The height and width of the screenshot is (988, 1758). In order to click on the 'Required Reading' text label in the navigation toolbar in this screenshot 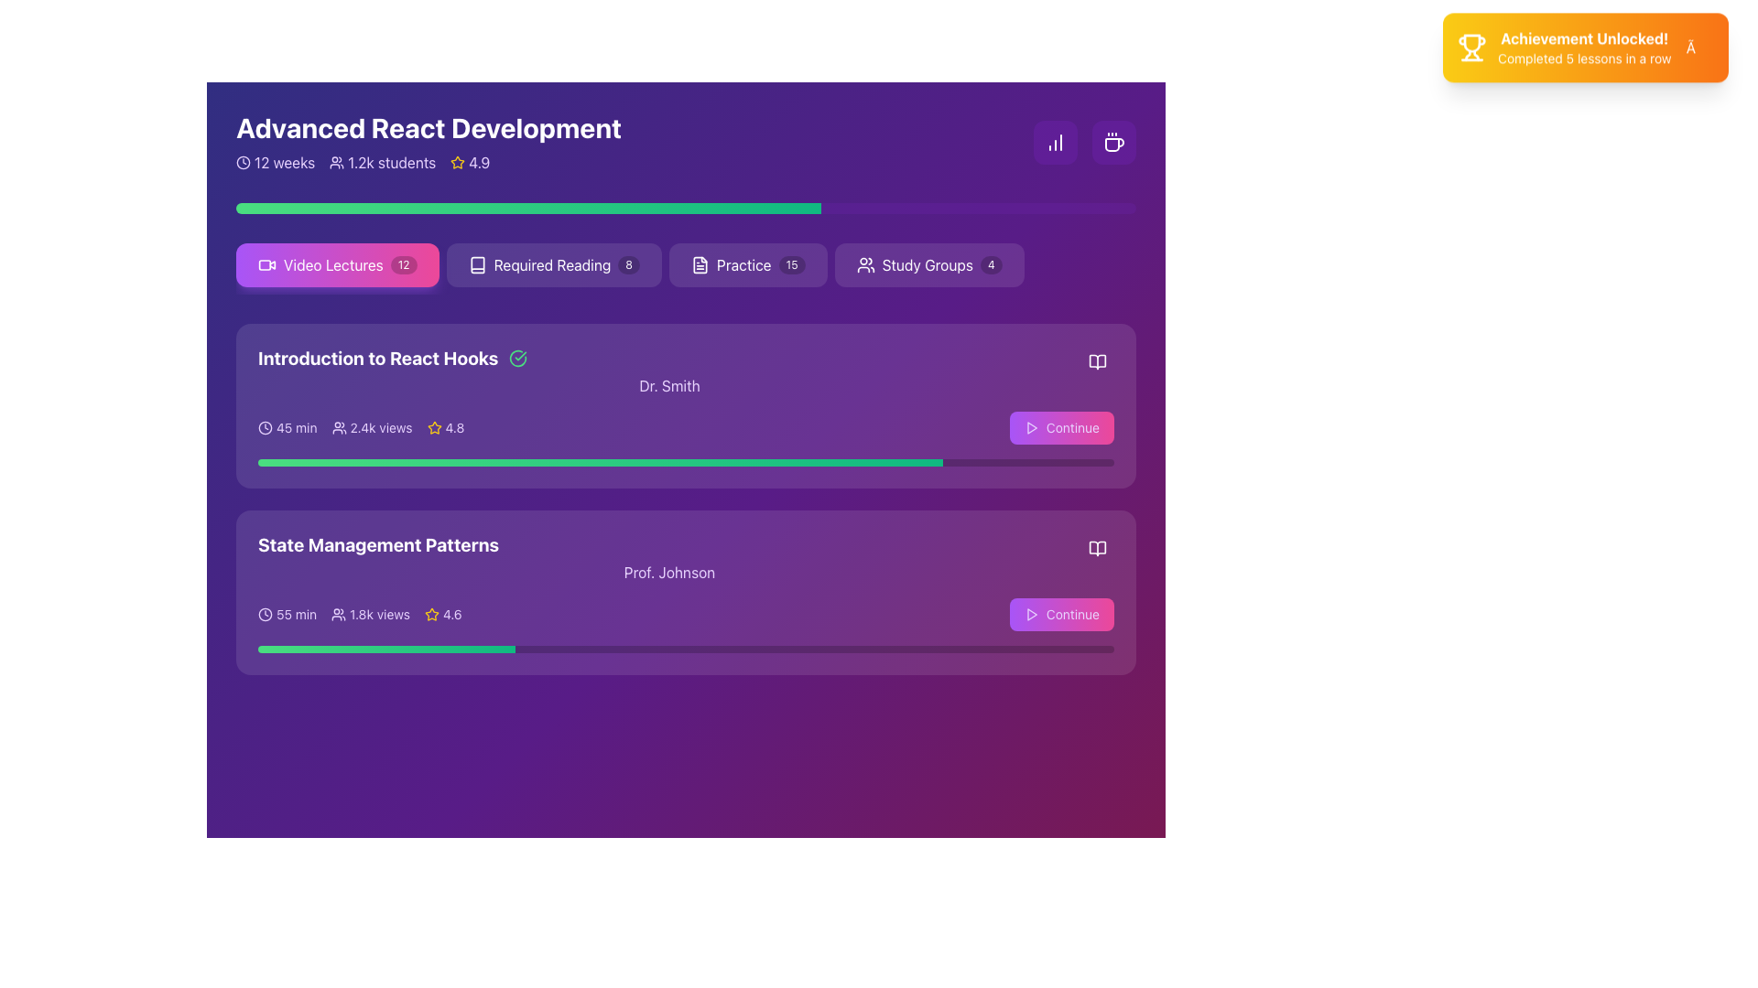, I will do `click(551, 264)`.